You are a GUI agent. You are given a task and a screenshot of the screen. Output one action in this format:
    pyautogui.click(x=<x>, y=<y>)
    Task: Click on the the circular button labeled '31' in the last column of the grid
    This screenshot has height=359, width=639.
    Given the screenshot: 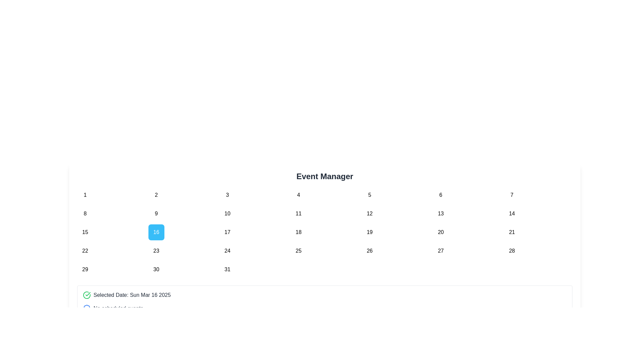 What is the action you would take?
    pyautogui.click(x=227, y=269)
    